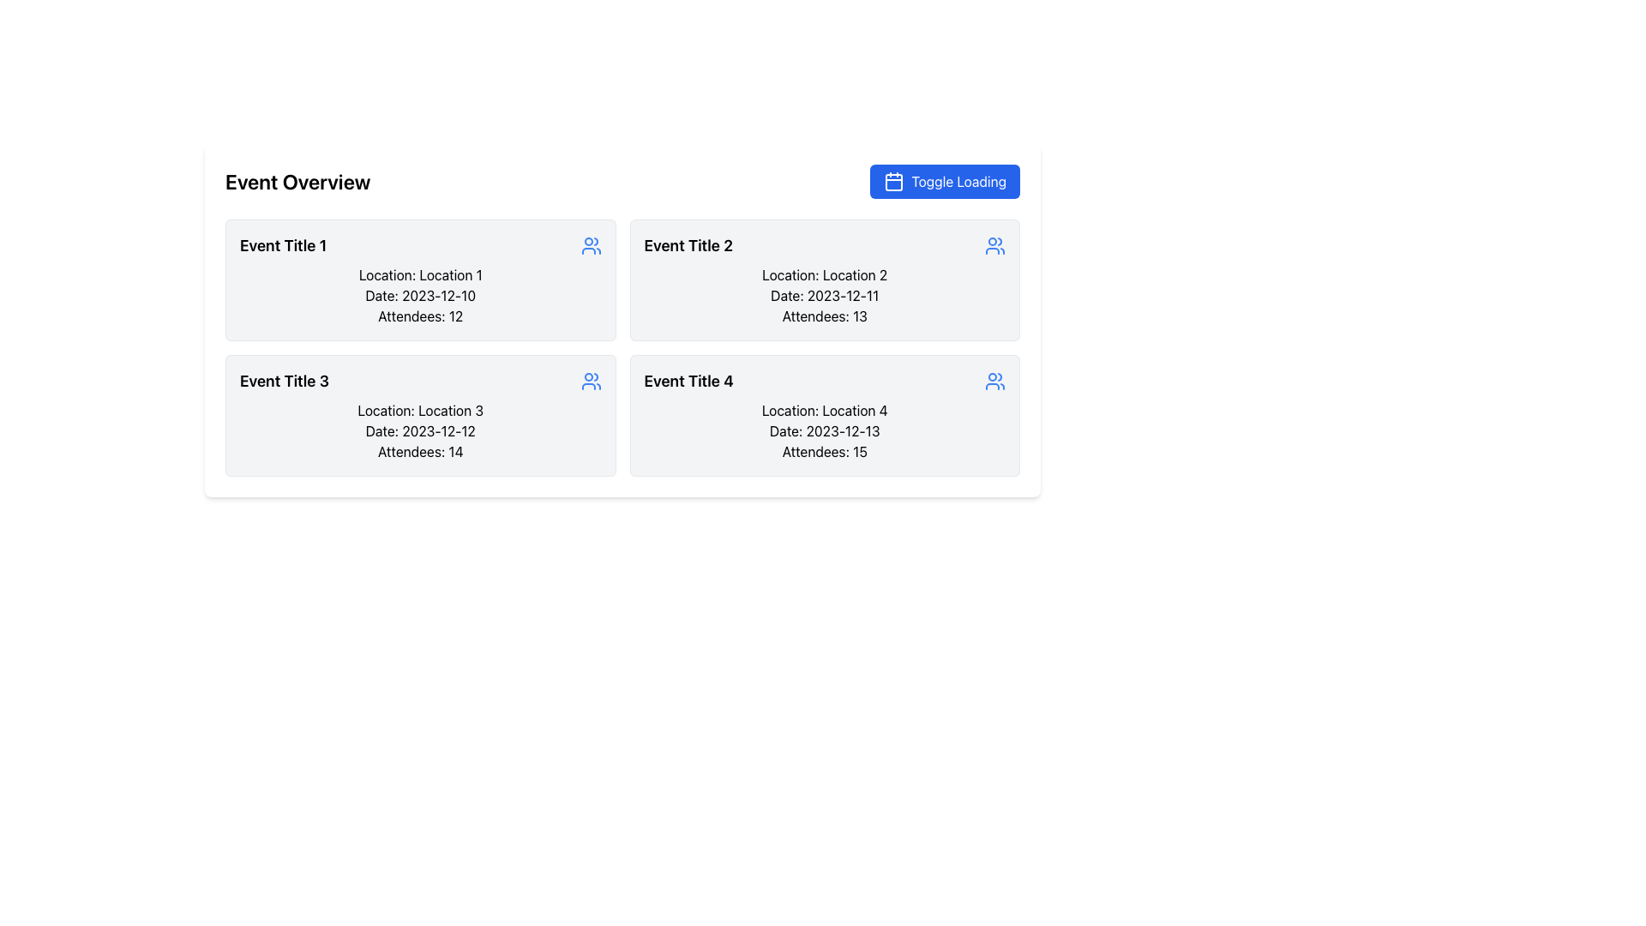 The image size is (1646, 926). What do you see at coordinates (825, 316) in the screenshot?
I see `text label displaying the number of attendees, which states 'Attendees: 13', located at the bottom of the event card for 'Event Title 2'` at bounding box center [825, 316].